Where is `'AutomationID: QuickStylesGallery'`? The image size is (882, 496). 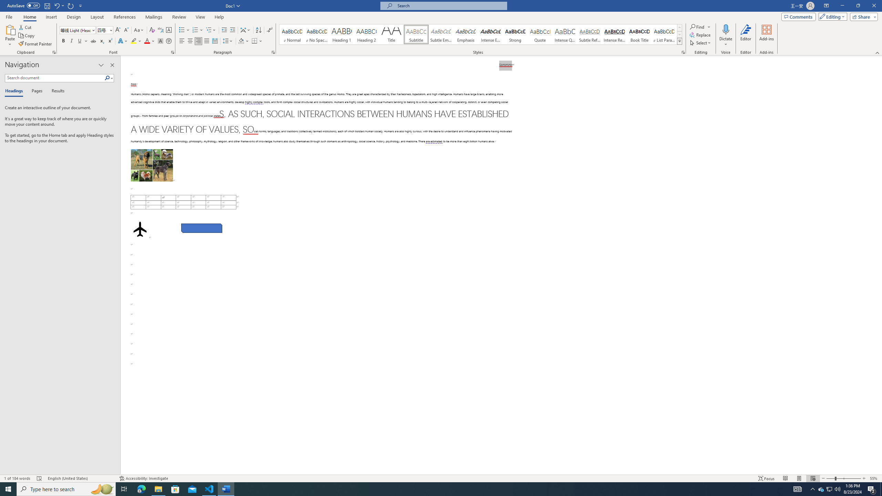 'AutomationID: QuickStylesGallery' is located at coordinates (481, 34).